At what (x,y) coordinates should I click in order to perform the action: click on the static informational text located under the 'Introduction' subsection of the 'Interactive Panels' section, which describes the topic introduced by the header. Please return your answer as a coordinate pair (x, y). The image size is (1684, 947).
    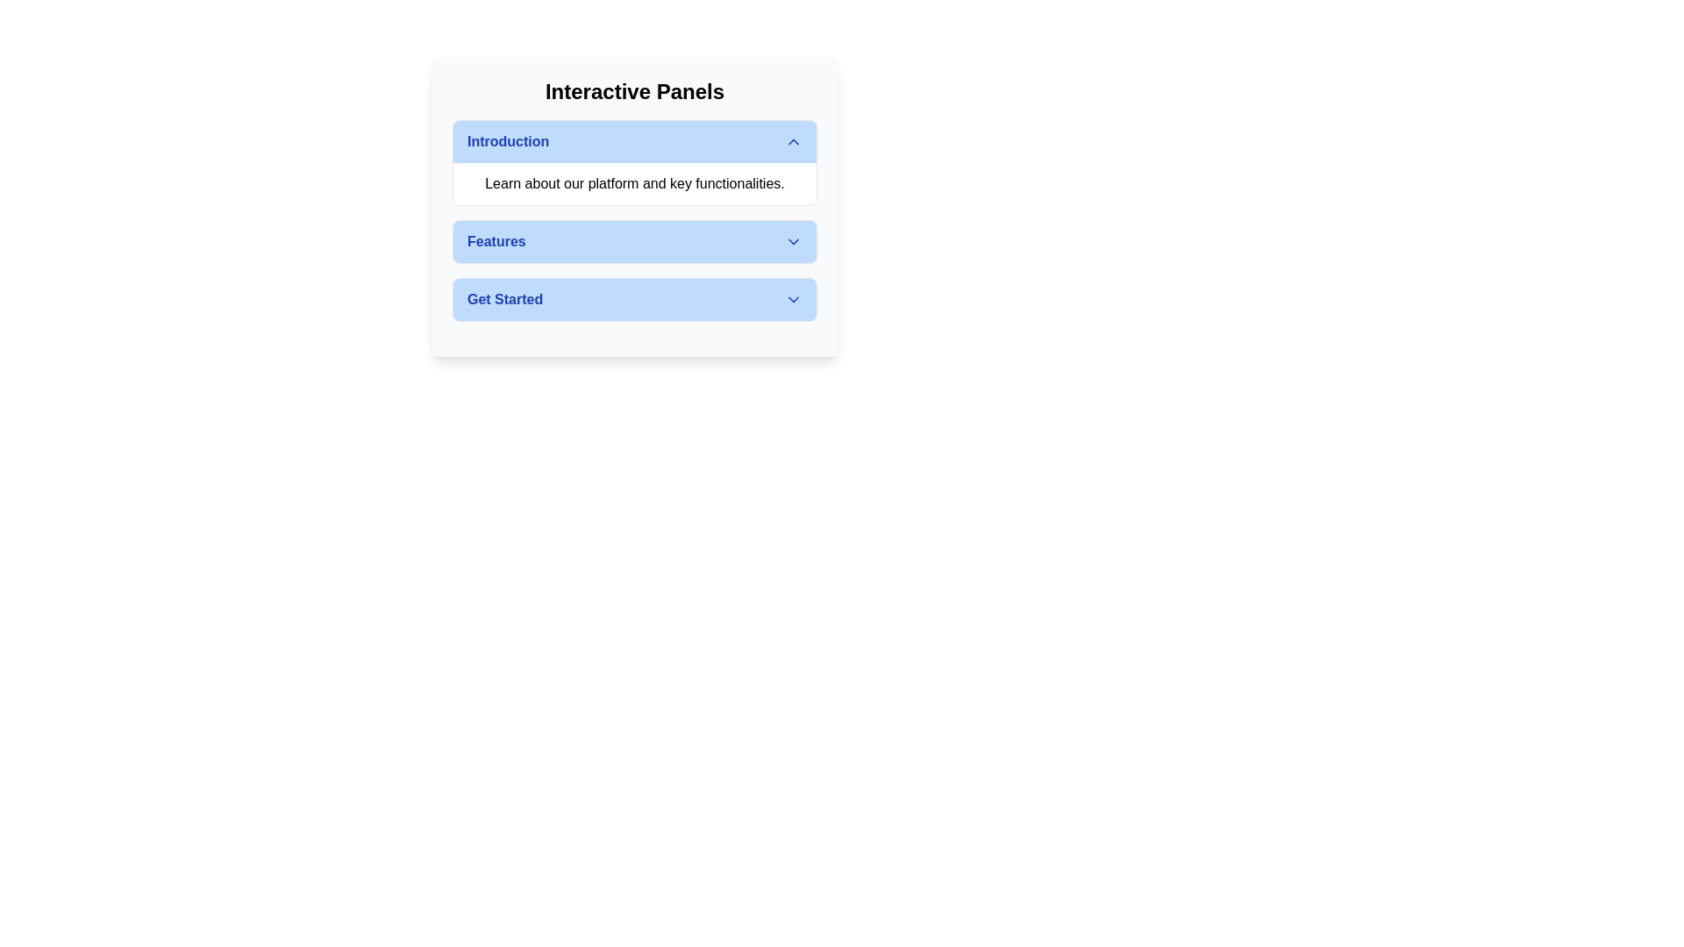
    Looking at the image, I should click on (634, 183).